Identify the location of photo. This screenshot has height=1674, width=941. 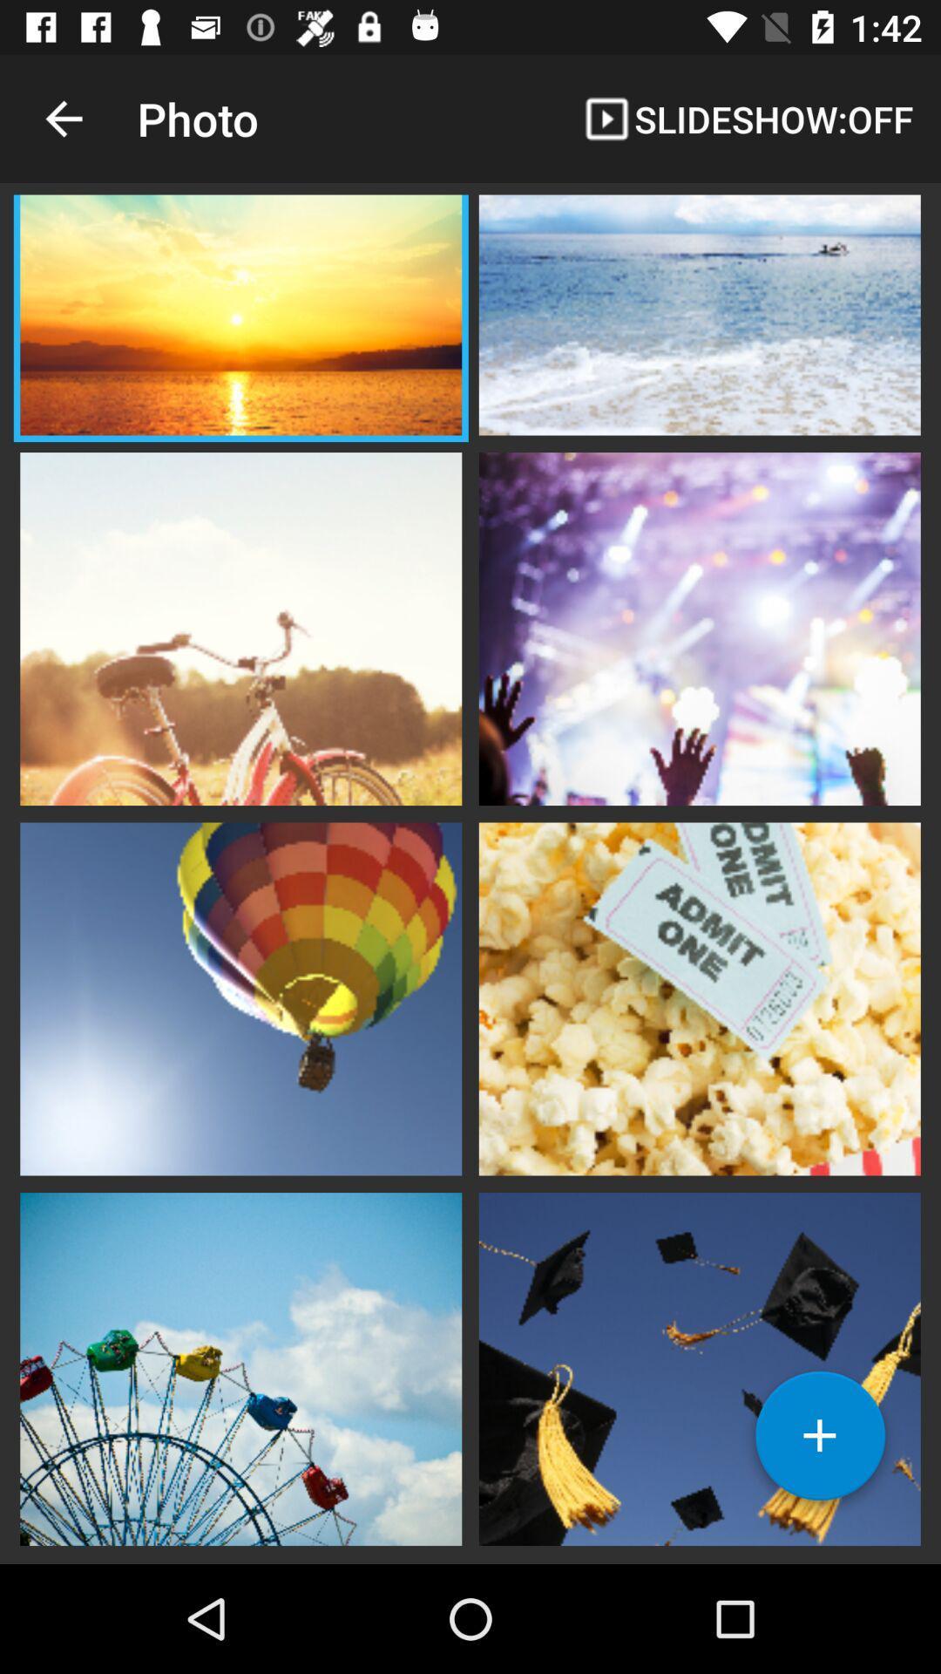
(240, 627).